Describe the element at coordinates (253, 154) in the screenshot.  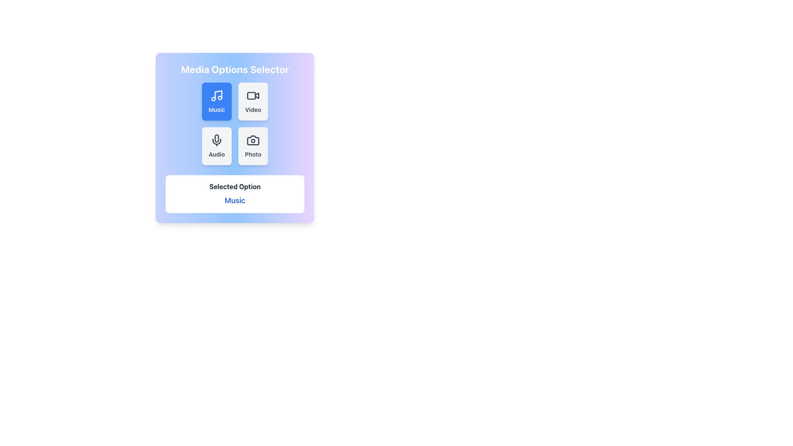
I see `the bottom text label of the button in the 'Media Options Selector' card, which indicates the option associated with photo-related features` at that location.